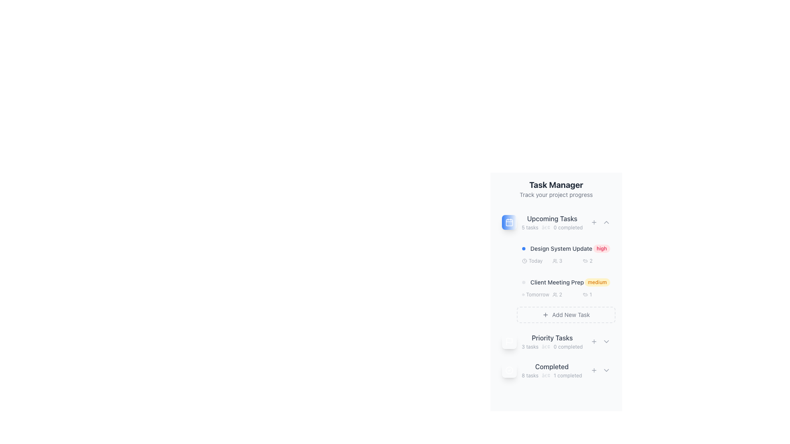 The width and height of the screenshot is (790, 444). I want to click on medium priority label located to the right of the 'Client Meeting Prep' text in the 'Upcoming Tasks' section of the task manager interface, so click(597, 282).